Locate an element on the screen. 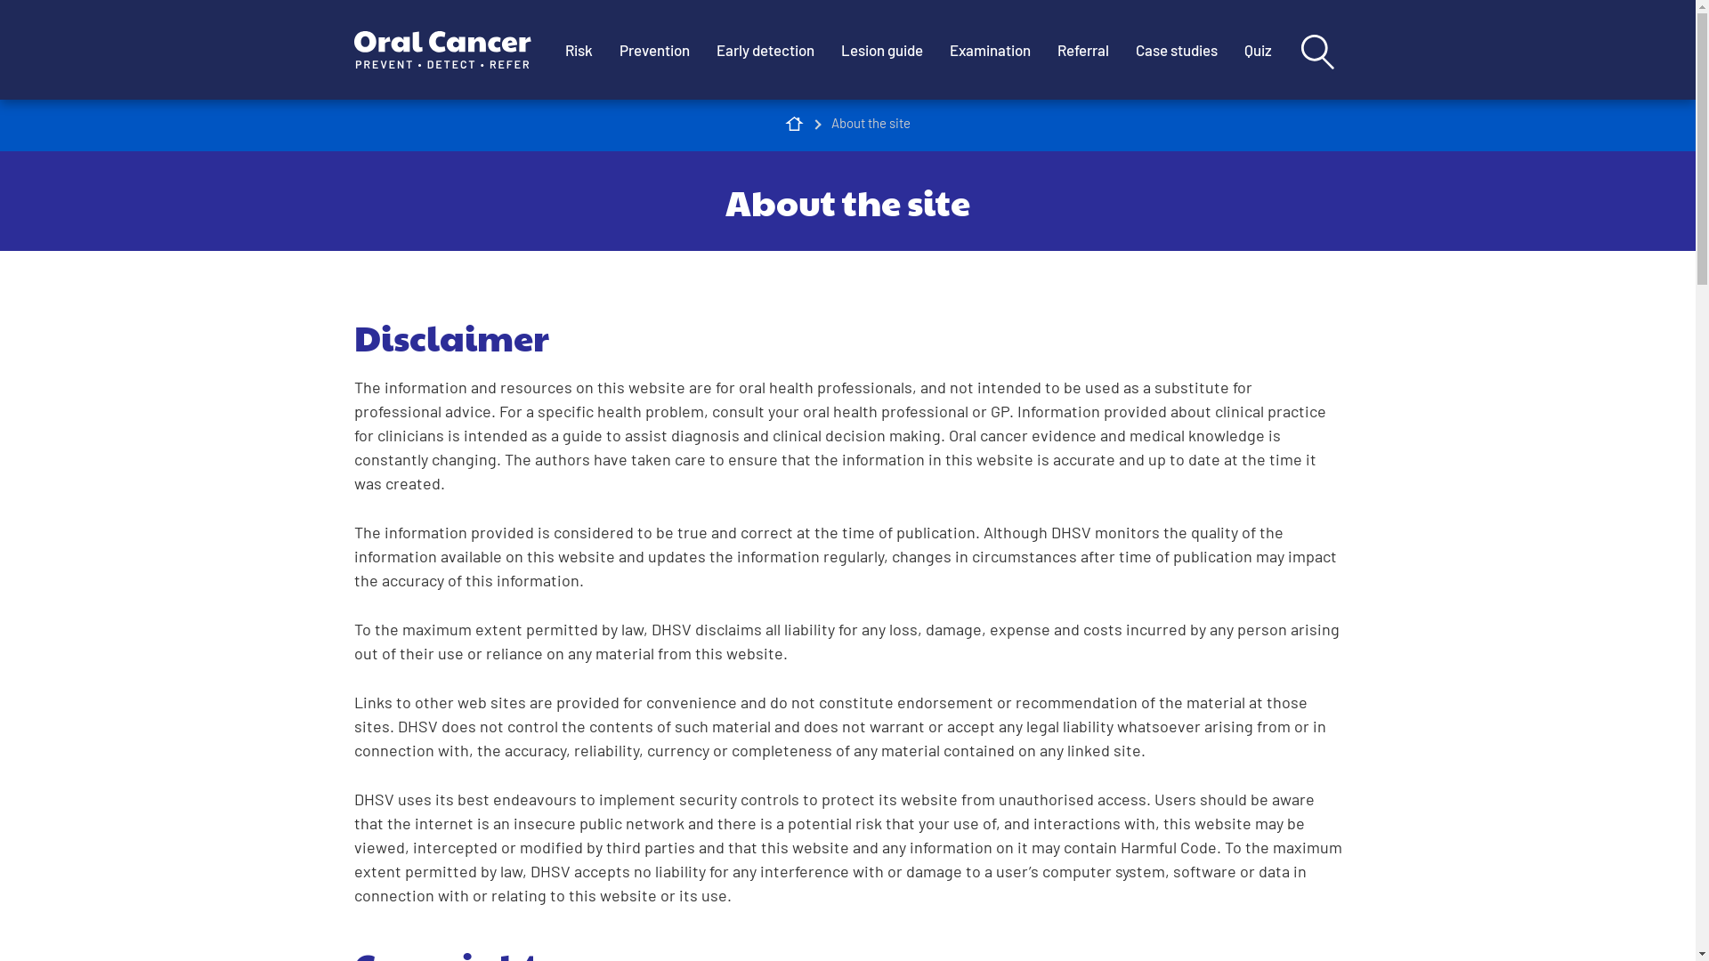 Image resolution: width=1709 pixels, height=961 pixels. 'Open/Close Search Field' is located at coordinates (1316, 50).